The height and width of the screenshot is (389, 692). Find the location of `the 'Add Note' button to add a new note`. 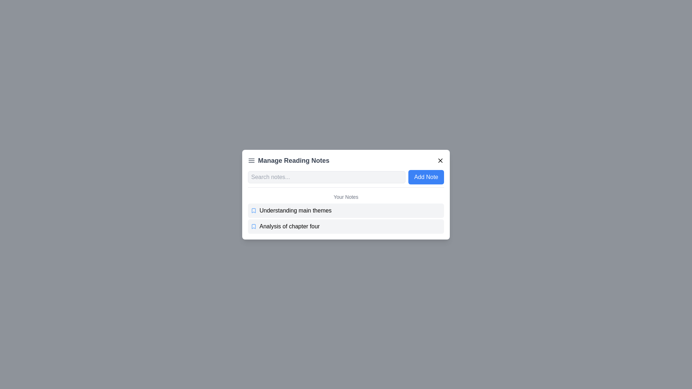

the 'Add Note' button to add a new note is located at coordinates (426, 176).